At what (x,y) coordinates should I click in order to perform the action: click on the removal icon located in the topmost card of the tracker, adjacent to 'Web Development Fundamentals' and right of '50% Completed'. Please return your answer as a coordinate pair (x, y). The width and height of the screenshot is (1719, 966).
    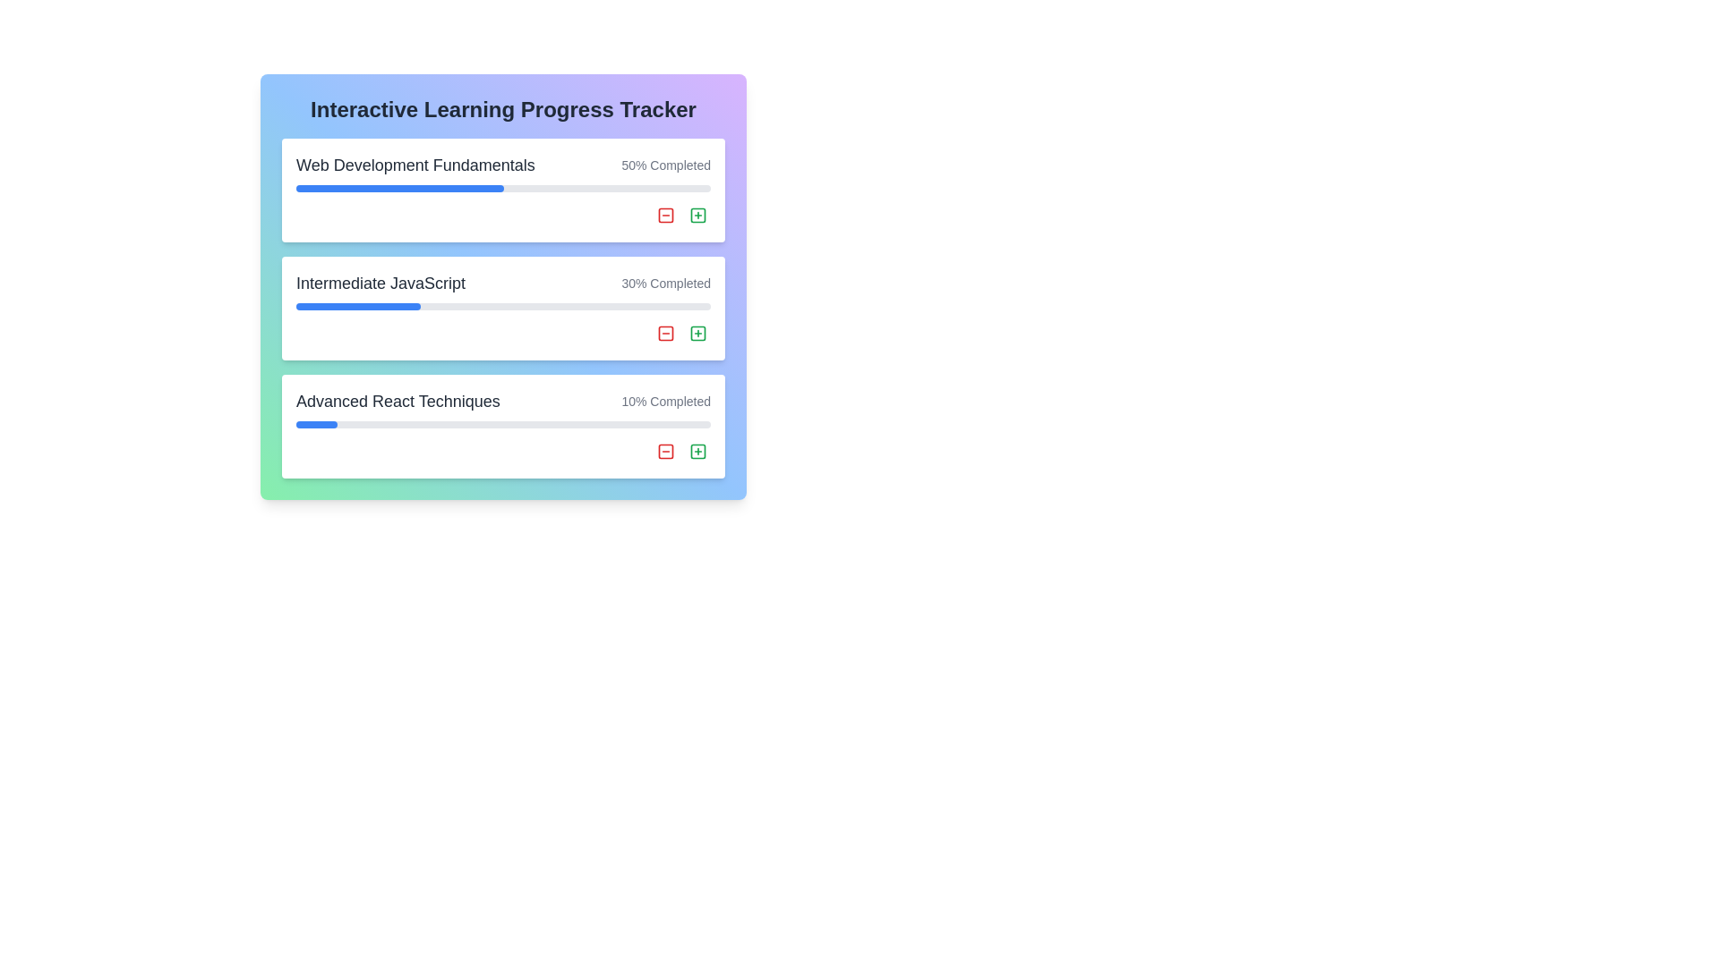
    Looking at the image, I should click on (665, 214).